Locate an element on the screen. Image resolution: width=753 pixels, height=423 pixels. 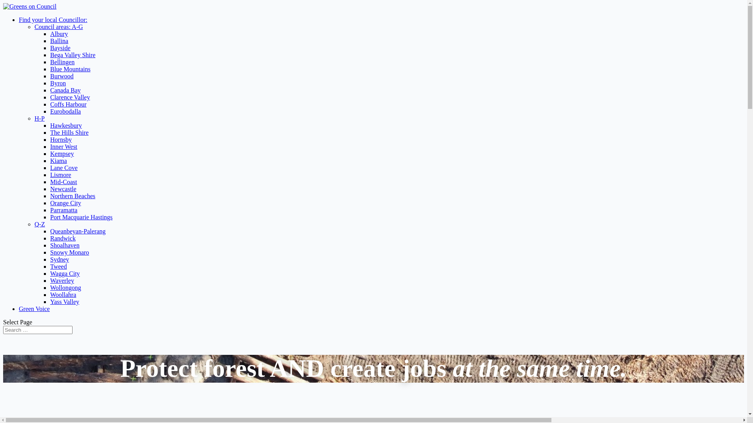
'Lismore' is located at coordinates (60, 174).